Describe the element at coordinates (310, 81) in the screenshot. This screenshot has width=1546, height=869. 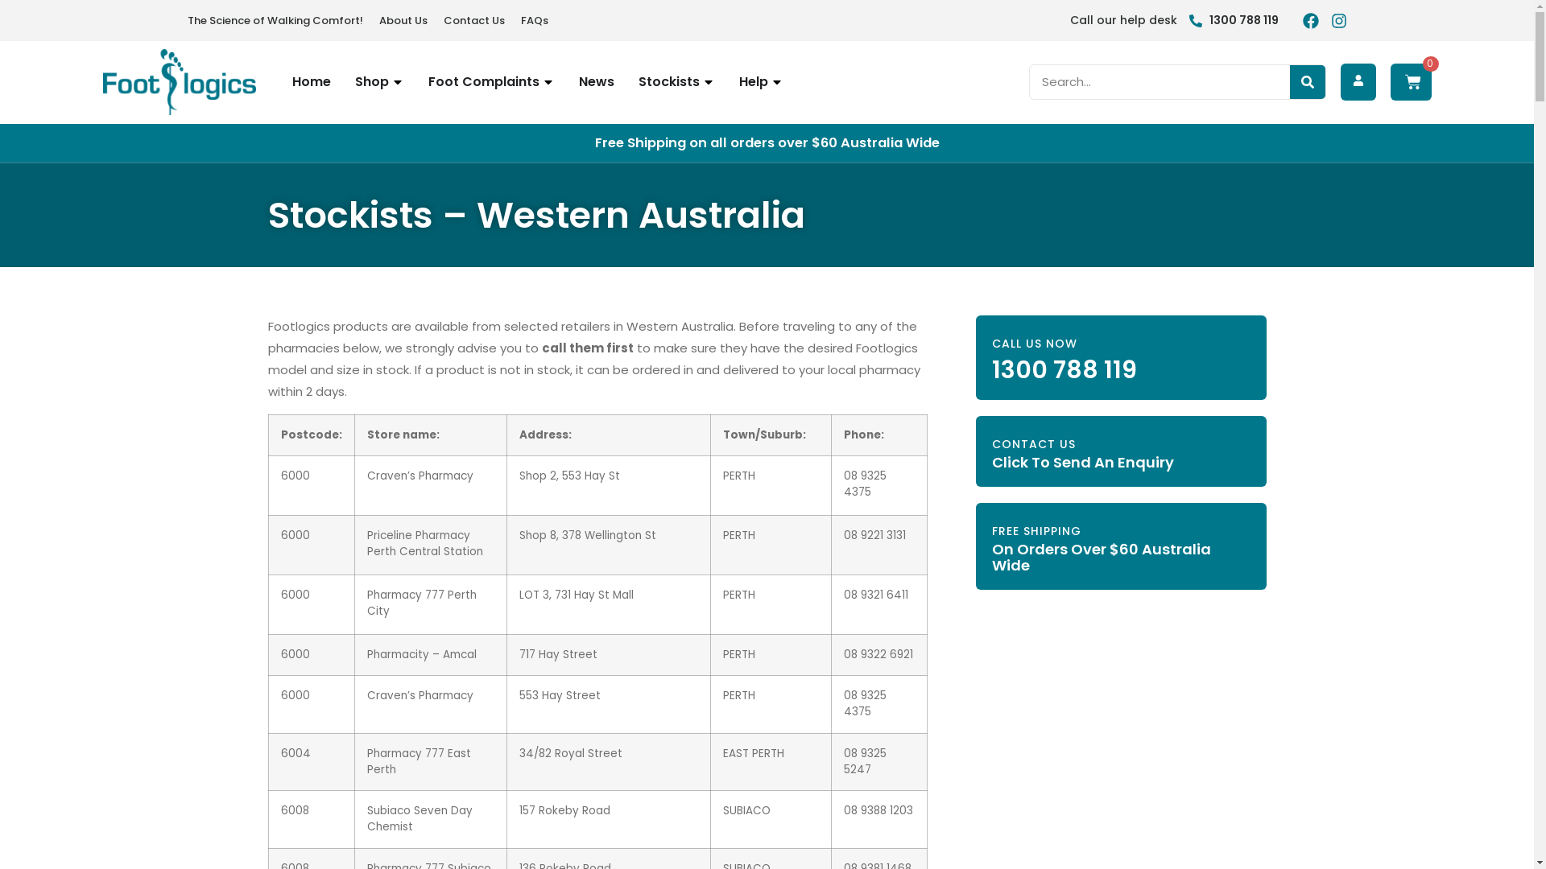
I see `'Home'` at that location.